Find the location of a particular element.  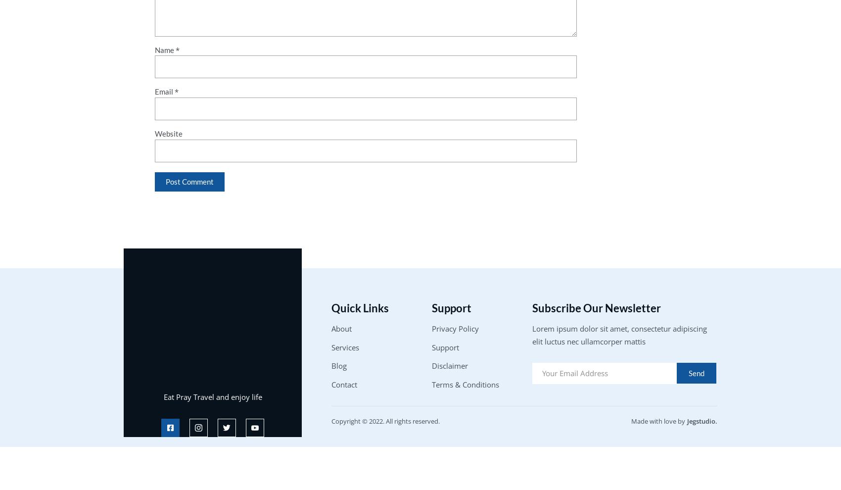

'Services' is located at coordinates (331, 346).